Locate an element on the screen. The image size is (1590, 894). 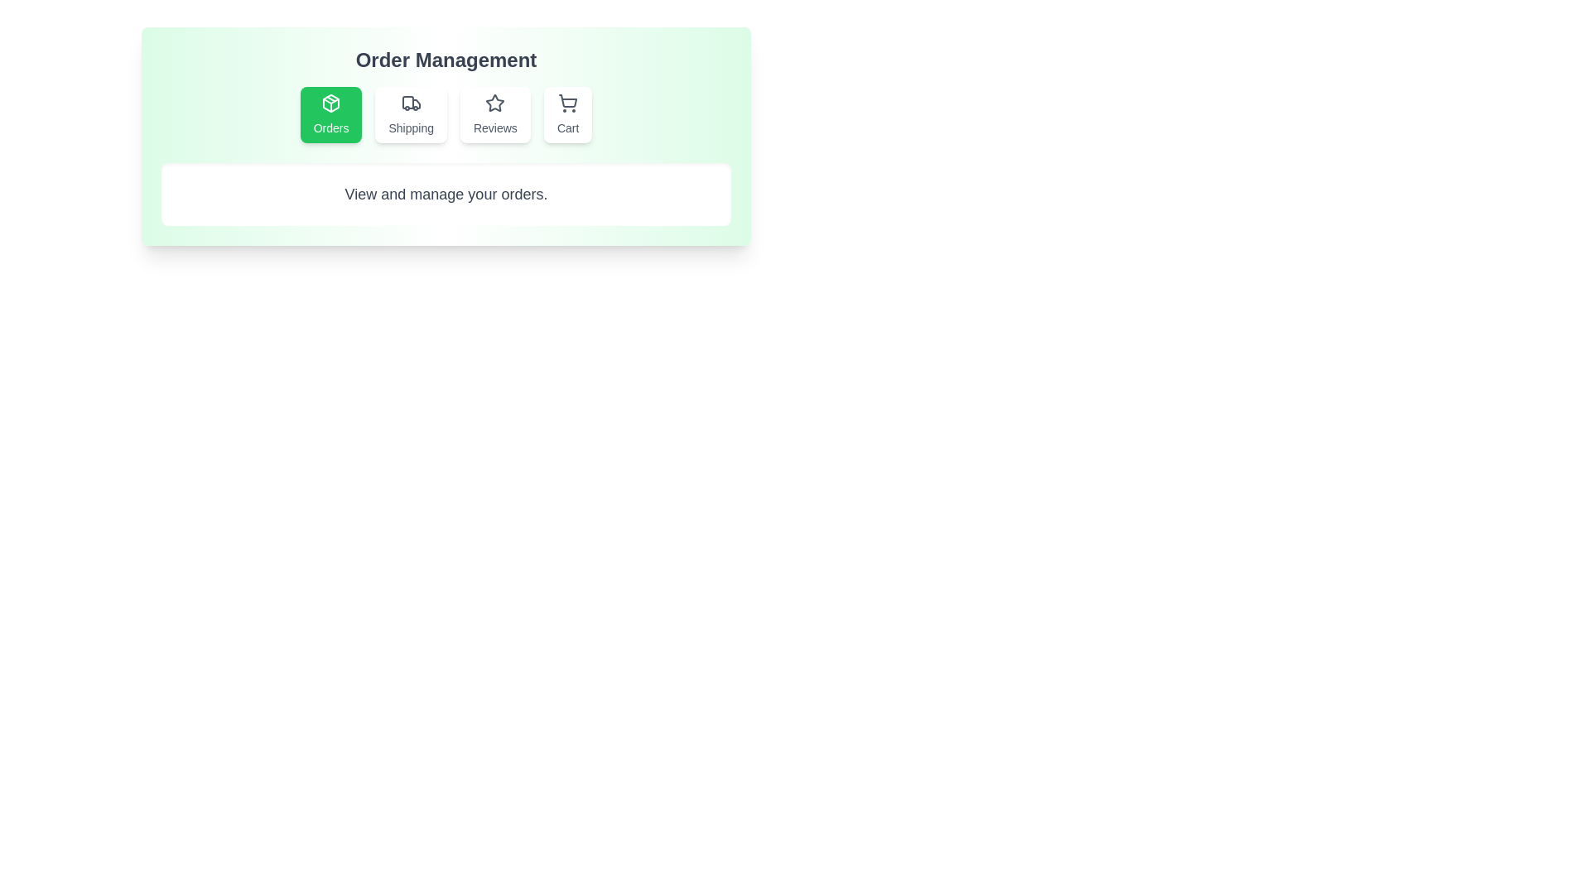
the informational text box that displays 'View and manage your orders.' with a white background and gray font, located beneath the clickable options in the Order Management section is located at coordinates (446, 194).